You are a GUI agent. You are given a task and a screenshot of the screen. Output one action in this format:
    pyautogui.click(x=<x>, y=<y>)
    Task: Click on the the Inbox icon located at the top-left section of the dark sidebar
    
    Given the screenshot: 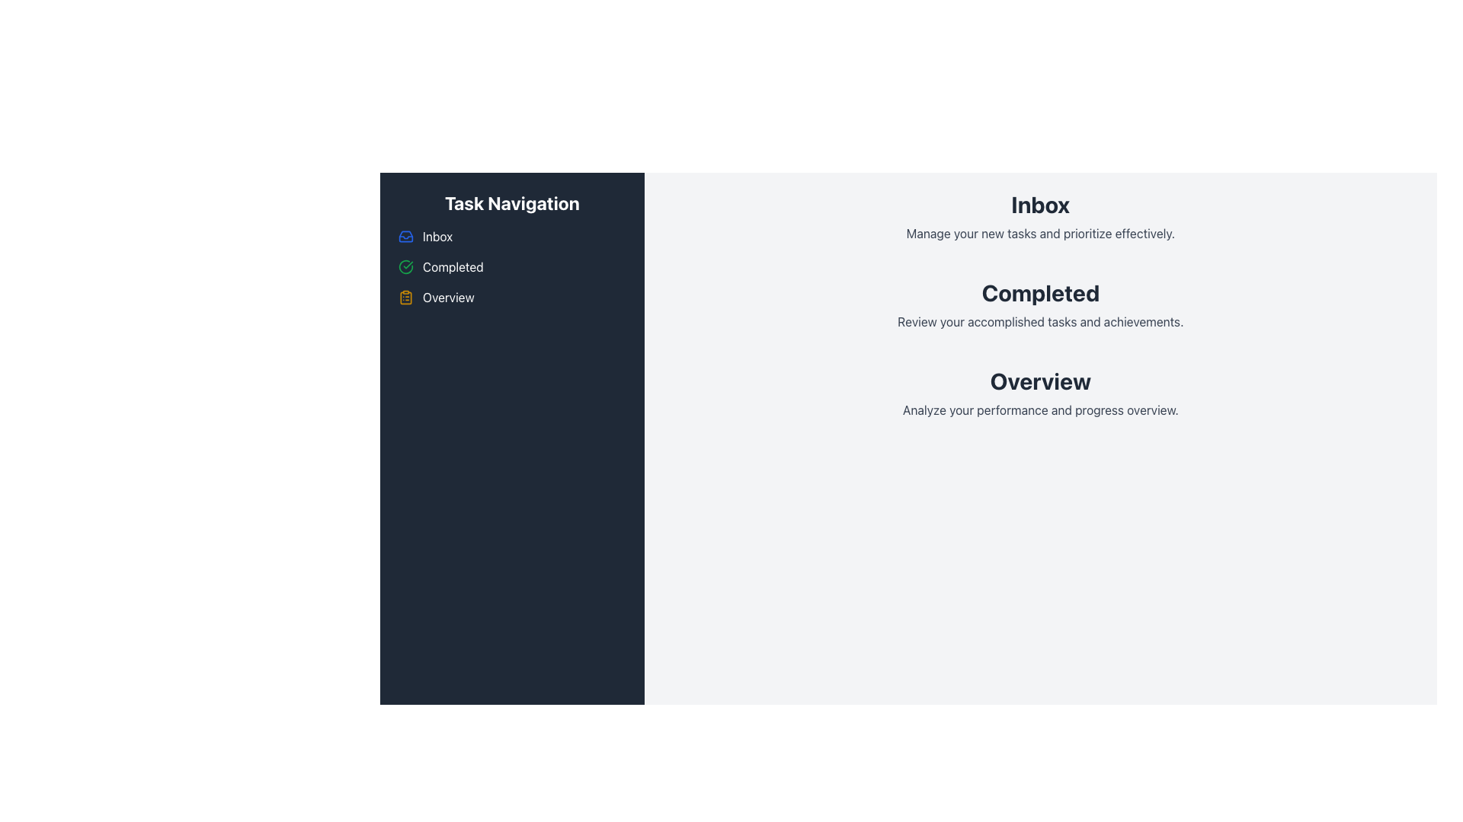 What is the action you would take?
    pyautogui.click(x=405, y=237)
    